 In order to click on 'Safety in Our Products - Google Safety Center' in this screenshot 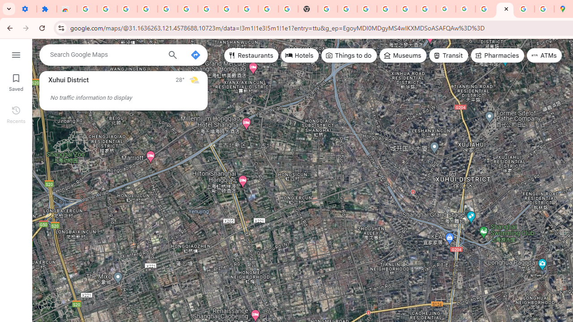, I will do `click(544, 9)`.